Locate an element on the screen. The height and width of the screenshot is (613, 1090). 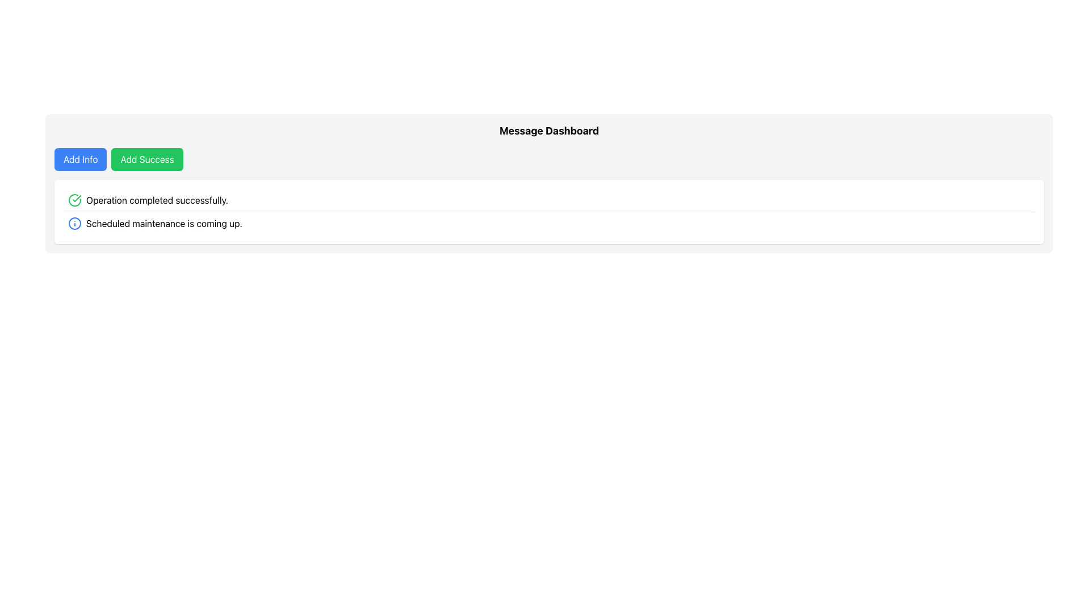
the green checkmark icon styled within a circular element, which provides visual feedback for 'Operation completed successfully.' is located at coordinates (76, 198).